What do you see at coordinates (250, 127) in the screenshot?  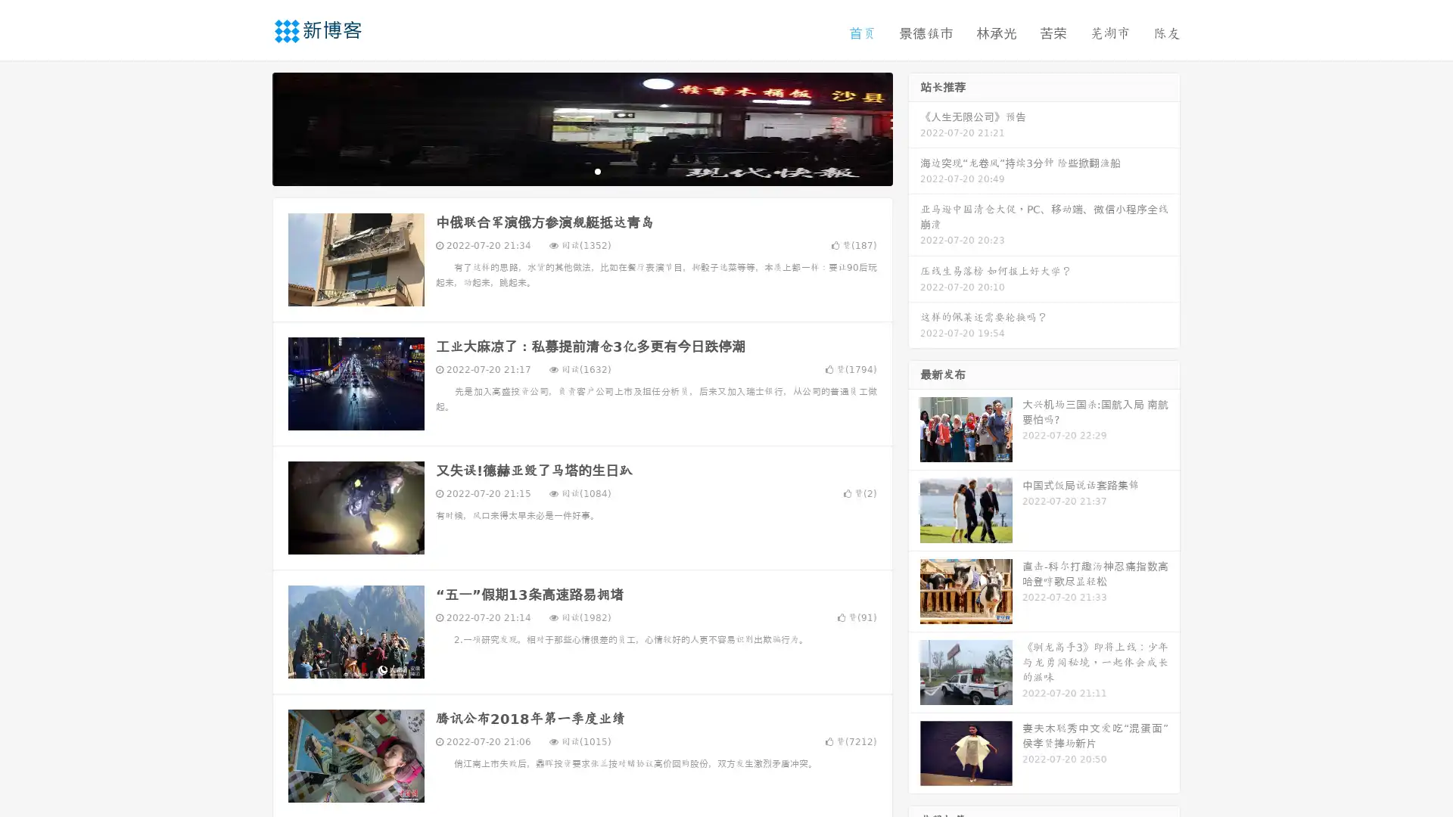 I see `Previous slide` at bounding box center [250, 127].